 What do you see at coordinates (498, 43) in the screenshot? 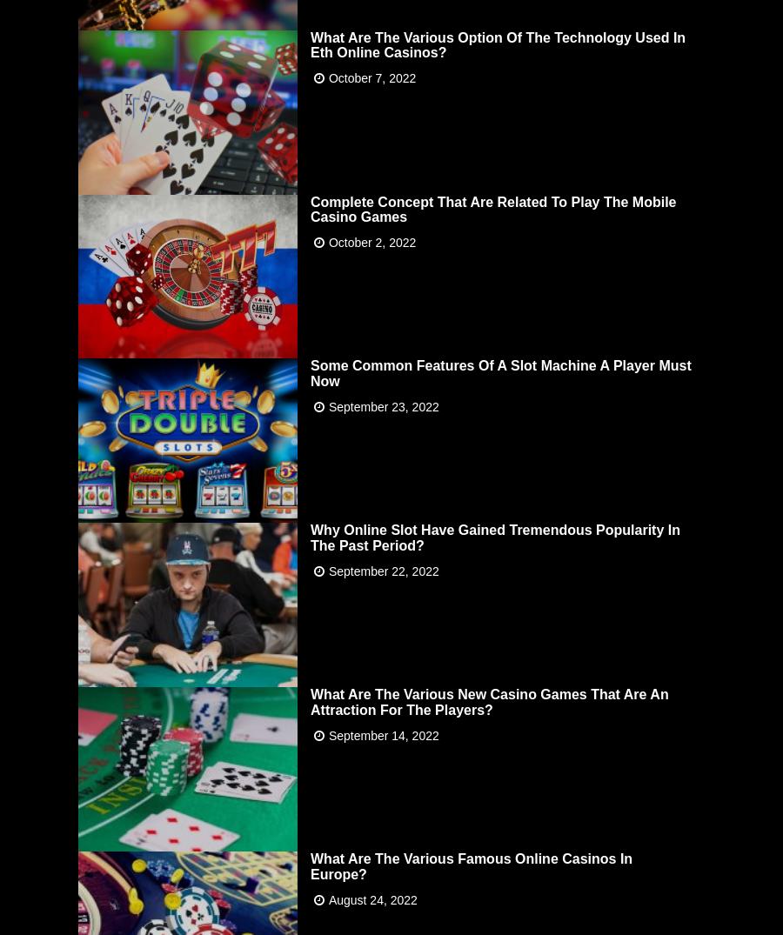
I see `'What Are The Various Option Of The Technology Used In Eth Online Casinos?'` at bounding box center [498, 43].